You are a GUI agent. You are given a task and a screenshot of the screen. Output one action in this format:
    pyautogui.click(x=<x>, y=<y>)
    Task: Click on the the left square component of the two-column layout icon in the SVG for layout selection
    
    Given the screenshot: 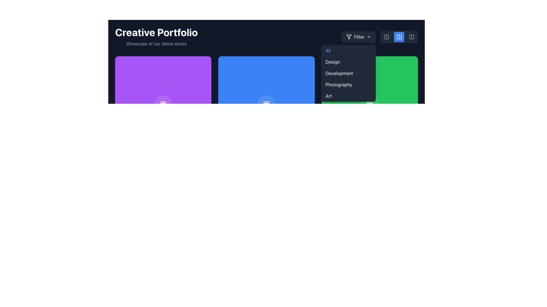 What is the action you would take?
    pyautogui.click(x=399, y=37)
    